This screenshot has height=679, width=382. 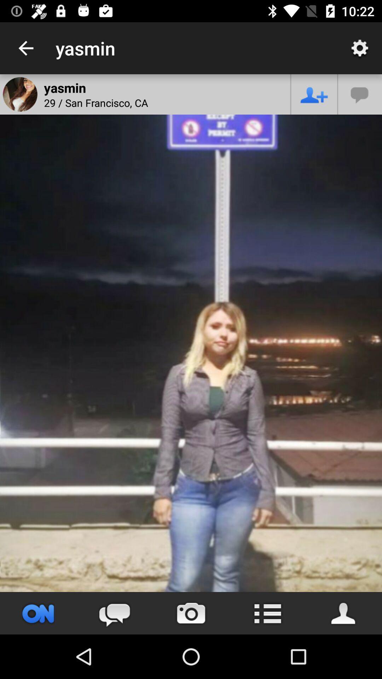 What do you see at coordinates (114, 613) in the screenshot?
I see `send message` at bounding box center [114, 613].